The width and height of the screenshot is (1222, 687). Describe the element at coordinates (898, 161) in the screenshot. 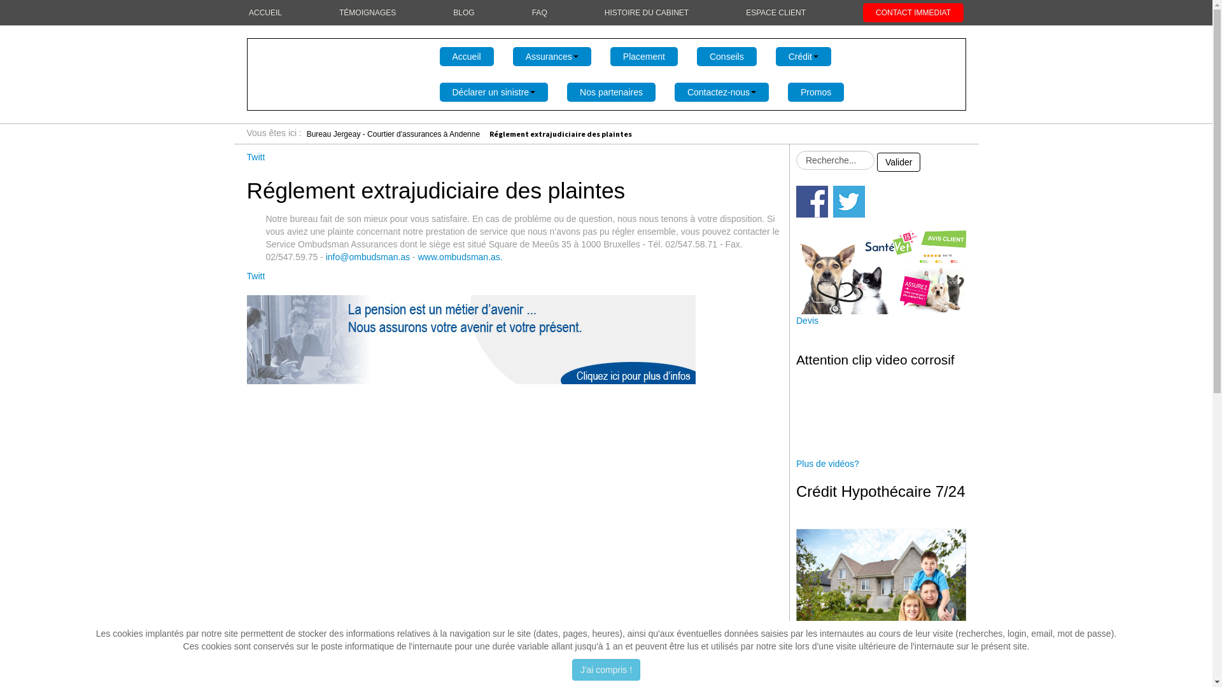

I see `'Valider'` at that location.